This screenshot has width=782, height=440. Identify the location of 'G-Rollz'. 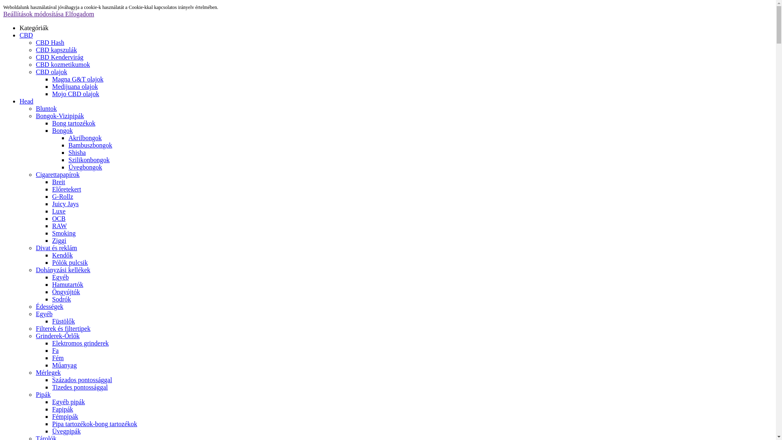
(62, 196).